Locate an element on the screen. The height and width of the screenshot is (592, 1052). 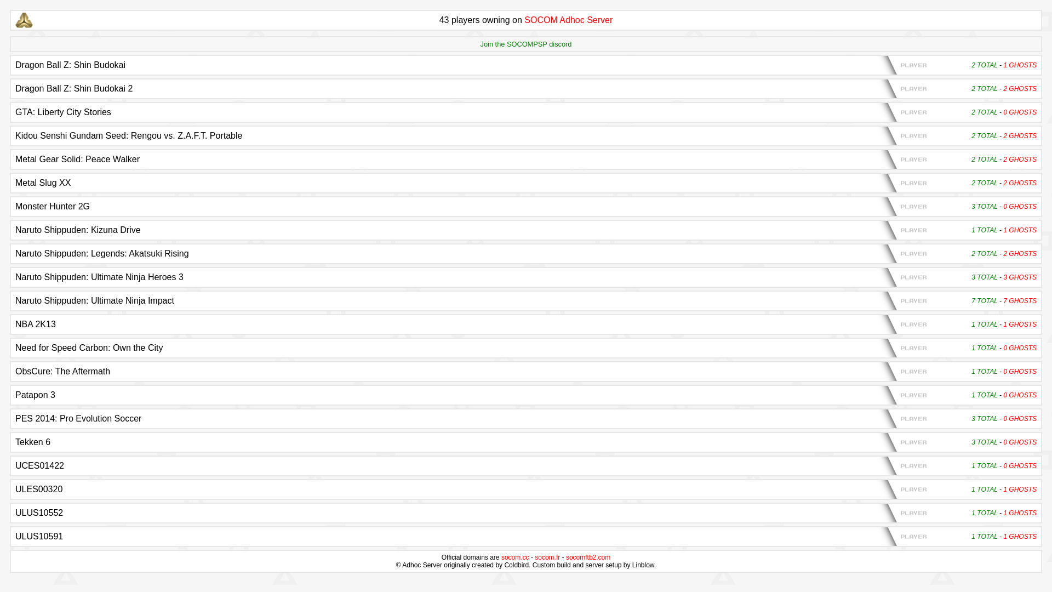
'socom.cc' is located at coordinates (501, 557).